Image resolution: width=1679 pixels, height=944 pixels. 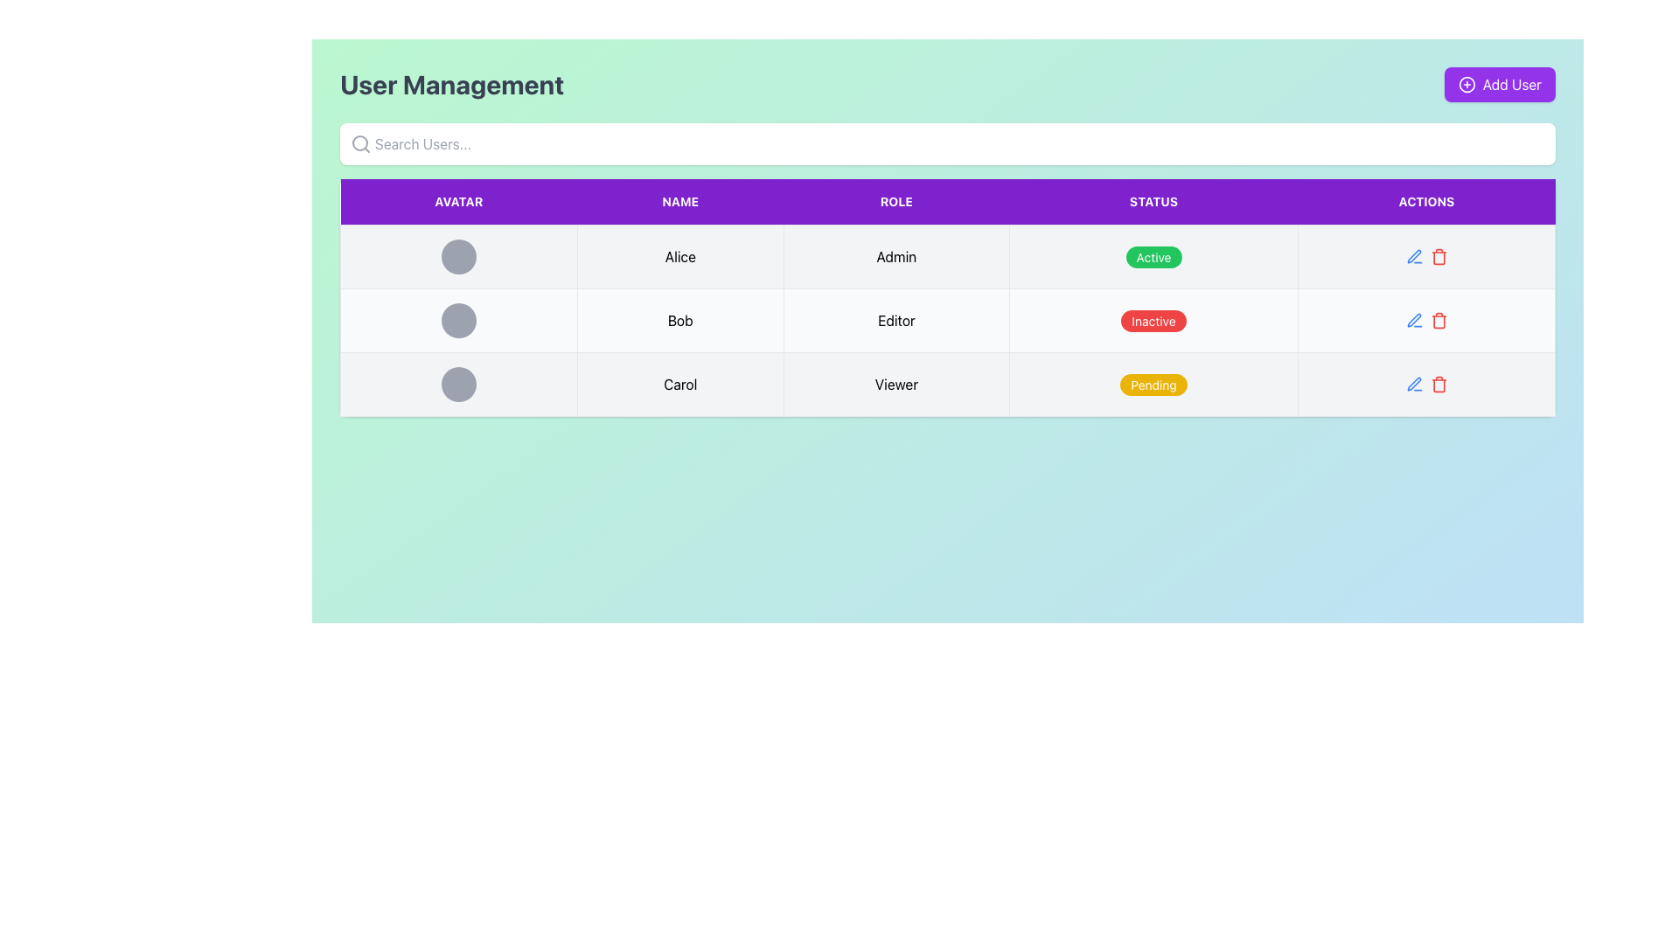 What do you see at coordinates (1426, 256) in the screenshot?
I see `the delete icon in the Interactive toolbar located under the 'Actions' column of the second row of the table, where 'Bob' is listed` at bounding box center [1426, 256].